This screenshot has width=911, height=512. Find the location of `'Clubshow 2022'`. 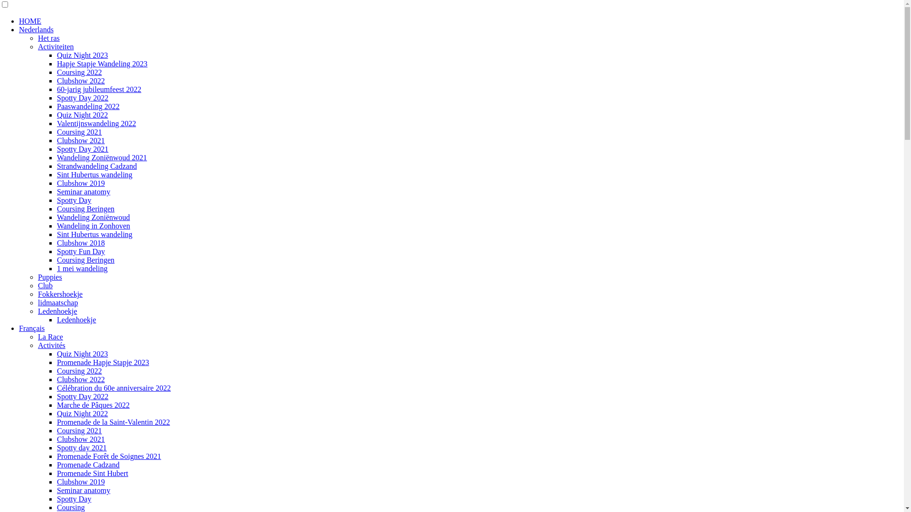

'Clubshow 2022' is located at coordinates (56, 80).